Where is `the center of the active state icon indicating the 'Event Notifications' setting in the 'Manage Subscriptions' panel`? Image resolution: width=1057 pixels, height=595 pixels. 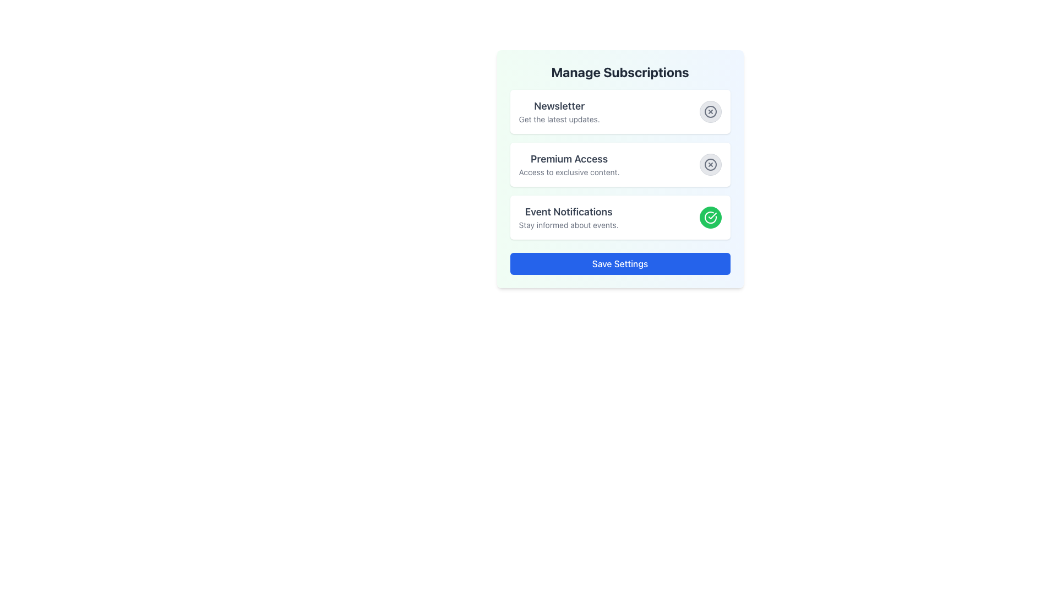
the center of the active state icon indicating the 'Event Notifications' setting in the 'Manage Subscriptions' panel is located at coordinates (710, 217).